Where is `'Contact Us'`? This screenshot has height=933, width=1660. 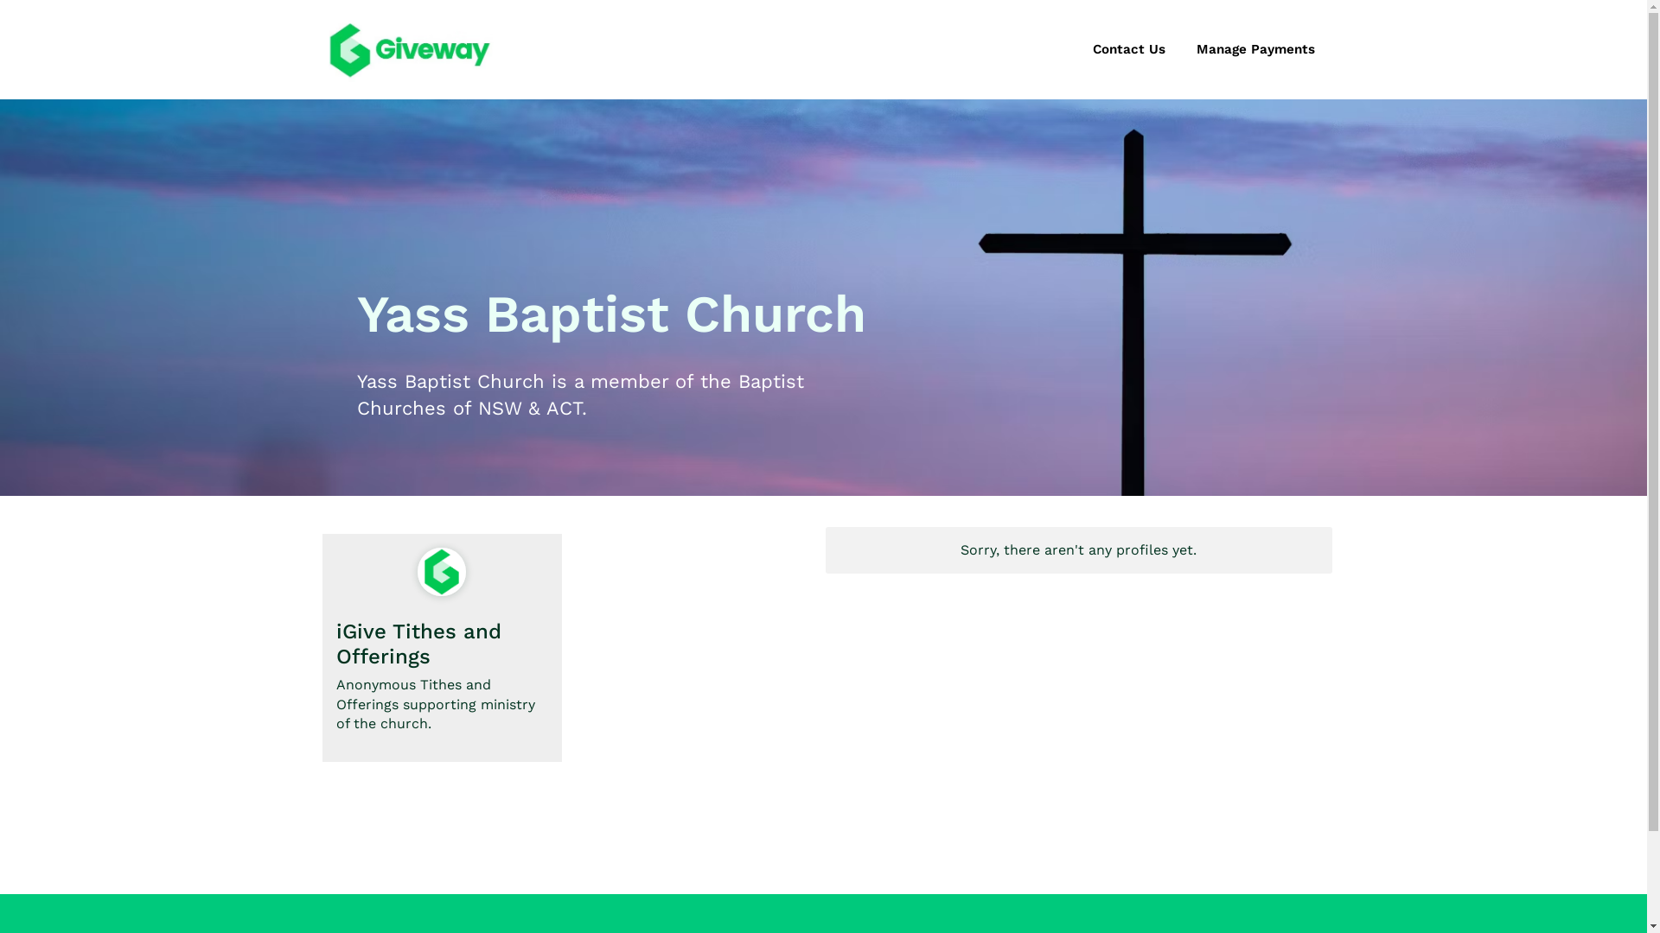 'Contact Us' is located at coordinates (1128, 48).